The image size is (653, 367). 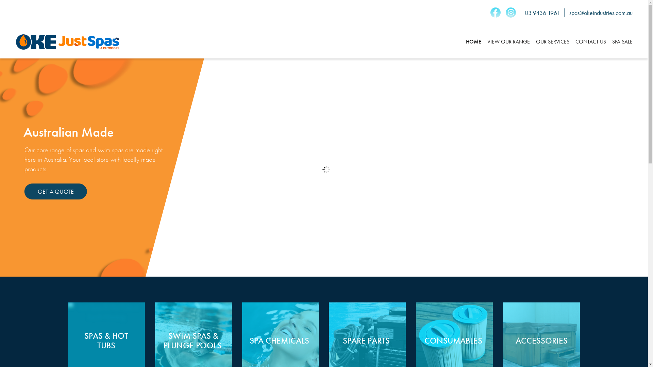 I want to click on 'HOME', so click(x=473, y=42).